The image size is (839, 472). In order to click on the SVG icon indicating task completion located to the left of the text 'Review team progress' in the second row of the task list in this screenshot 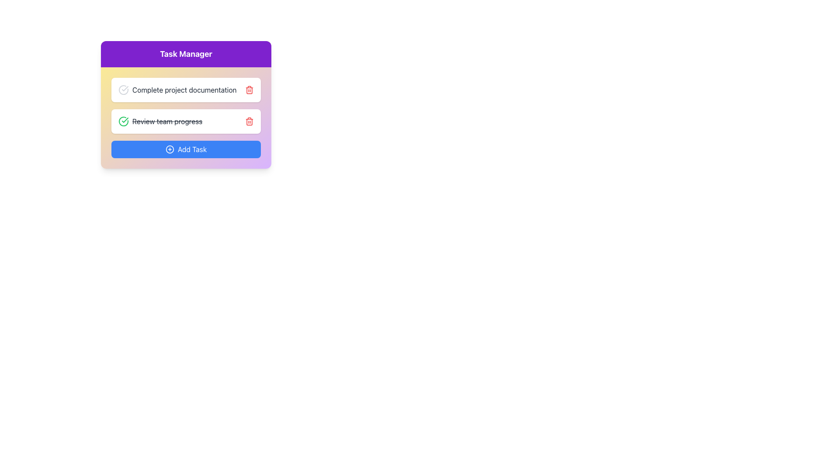, I will do `click(123, 121)`.